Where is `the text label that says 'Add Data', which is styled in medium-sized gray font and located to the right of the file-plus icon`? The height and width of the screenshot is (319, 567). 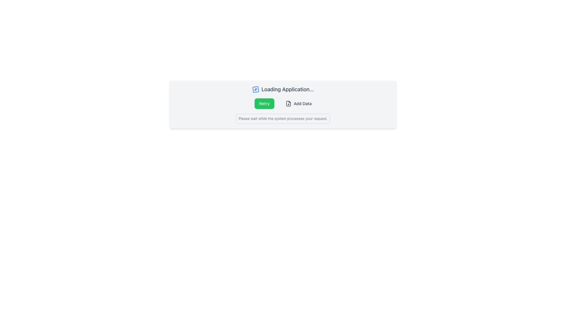 the text label that says 'Add Data', which is styled in medium-sized gray font and located to the right of the file-plus icon is located at coordinates (302, 103).